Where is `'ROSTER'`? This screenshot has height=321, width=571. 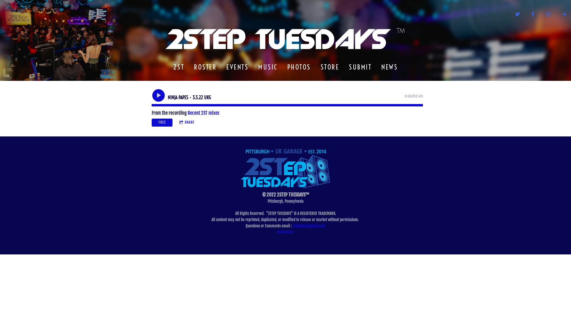 'ROSTER' is located at coordinates (205, 67).